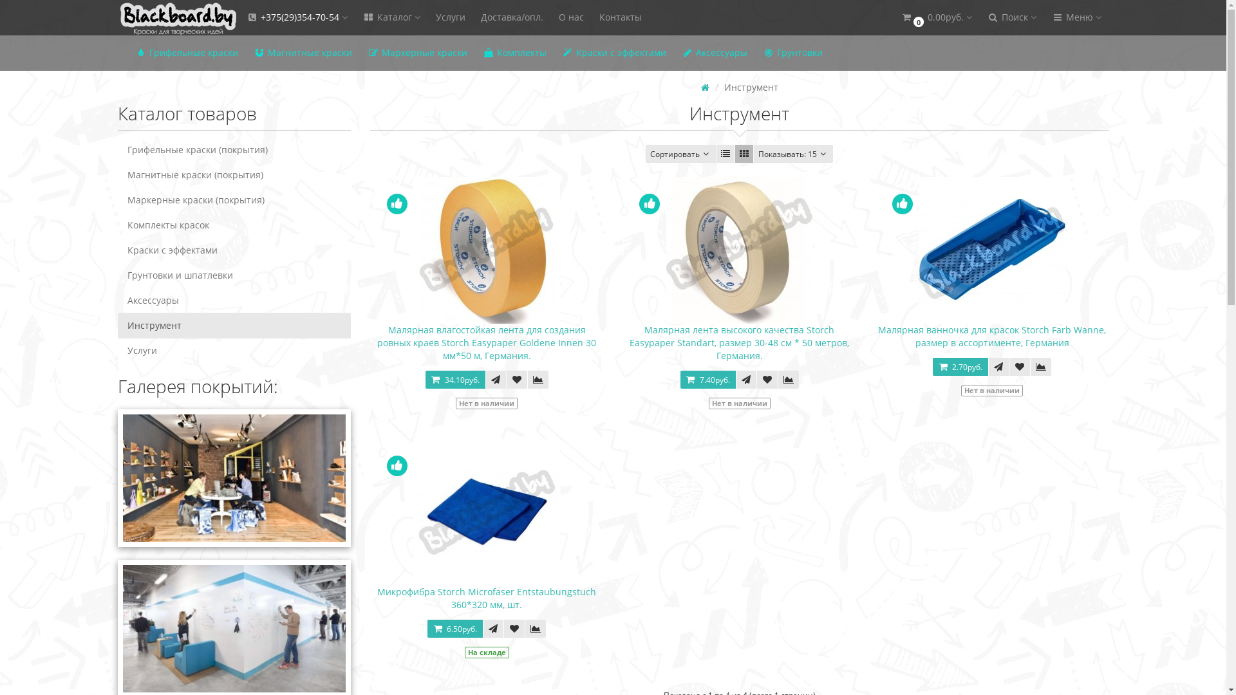 This screenshot has height=695, width=1236. I want to click on '+375(29)354-70-54', so click(295, 17).